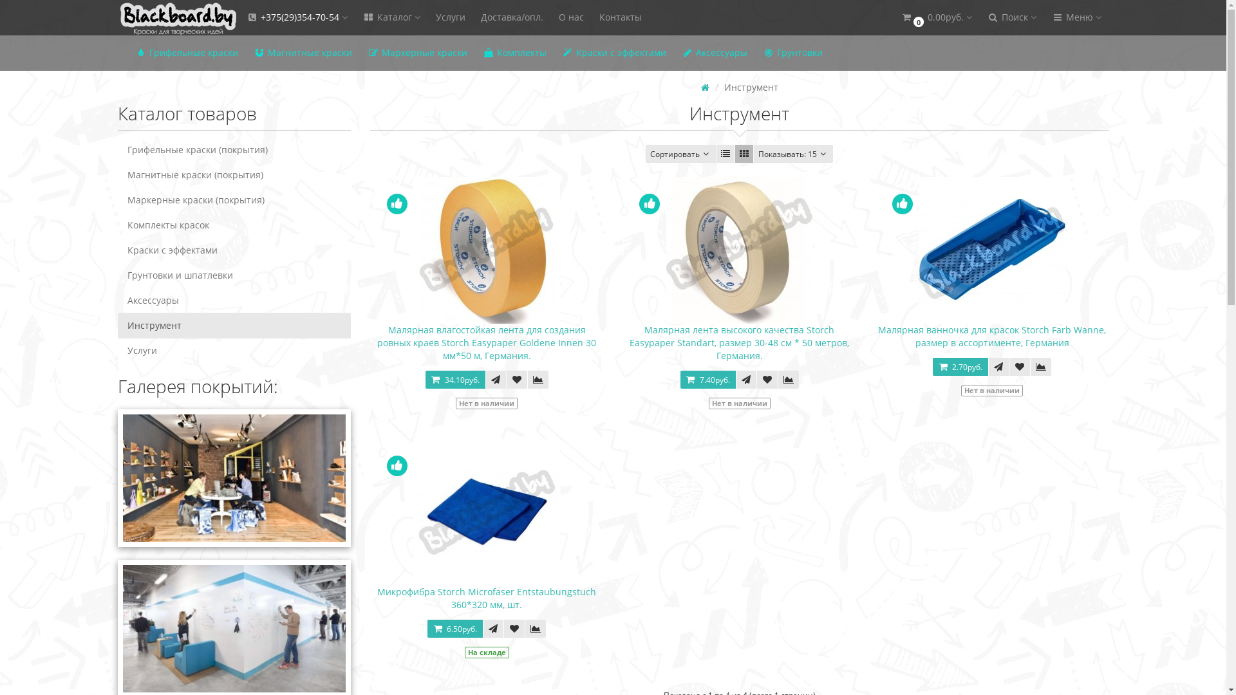 This screenshot has height=695, width=1236. I want to click on '+375(29)354-70-54', so click(295, 17).